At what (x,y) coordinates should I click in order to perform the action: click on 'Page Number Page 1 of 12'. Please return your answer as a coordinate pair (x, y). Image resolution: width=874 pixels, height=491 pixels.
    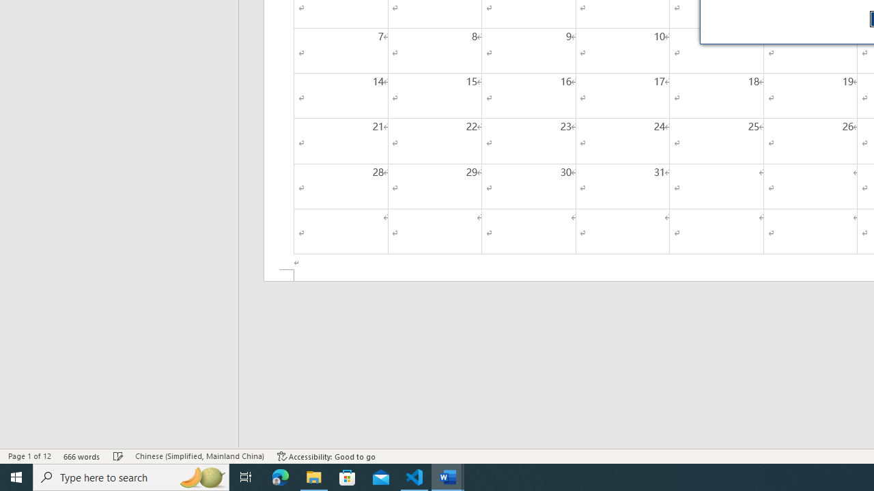
    Looking at the image, I should click on (29, 456).